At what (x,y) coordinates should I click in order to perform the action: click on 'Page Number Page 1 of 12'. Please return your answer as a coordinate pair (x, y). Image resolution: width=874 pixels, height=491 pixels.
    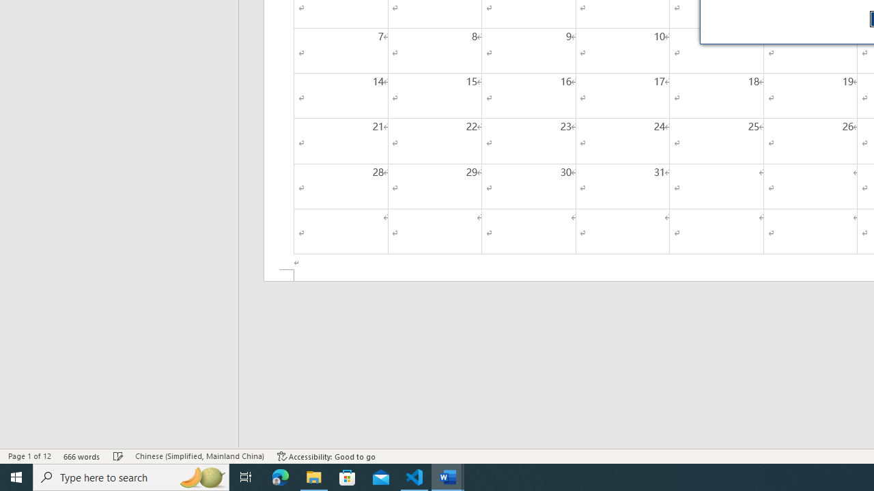
    Looking at the image, I should click on (29, 456).